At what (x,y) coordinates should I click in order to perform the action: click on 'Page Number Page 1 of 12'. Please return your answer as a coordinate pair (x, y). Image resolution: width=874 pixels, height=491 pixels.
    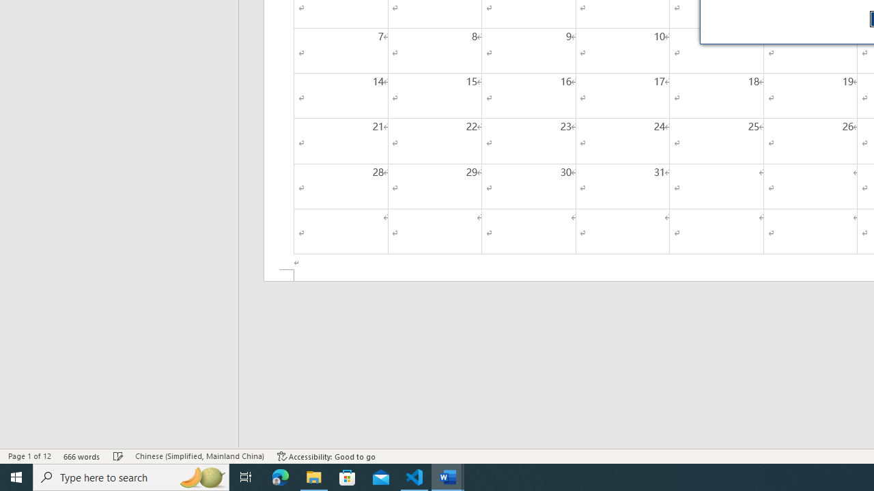
    Looking at the image, I should click on (29, 456).